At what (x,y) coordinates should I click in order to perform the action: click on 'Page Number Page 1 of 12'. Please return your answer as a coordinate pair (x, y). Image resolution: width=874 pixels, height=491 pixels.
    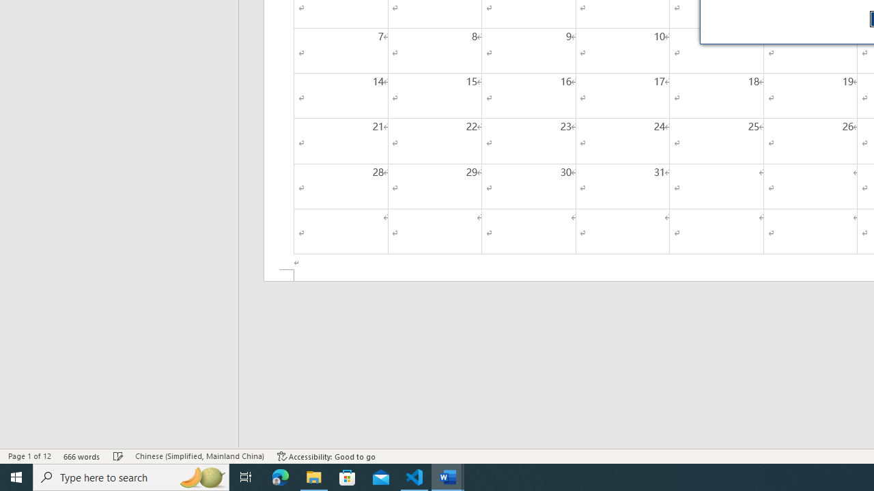
    Looking at the image, I should click on (29, 456).